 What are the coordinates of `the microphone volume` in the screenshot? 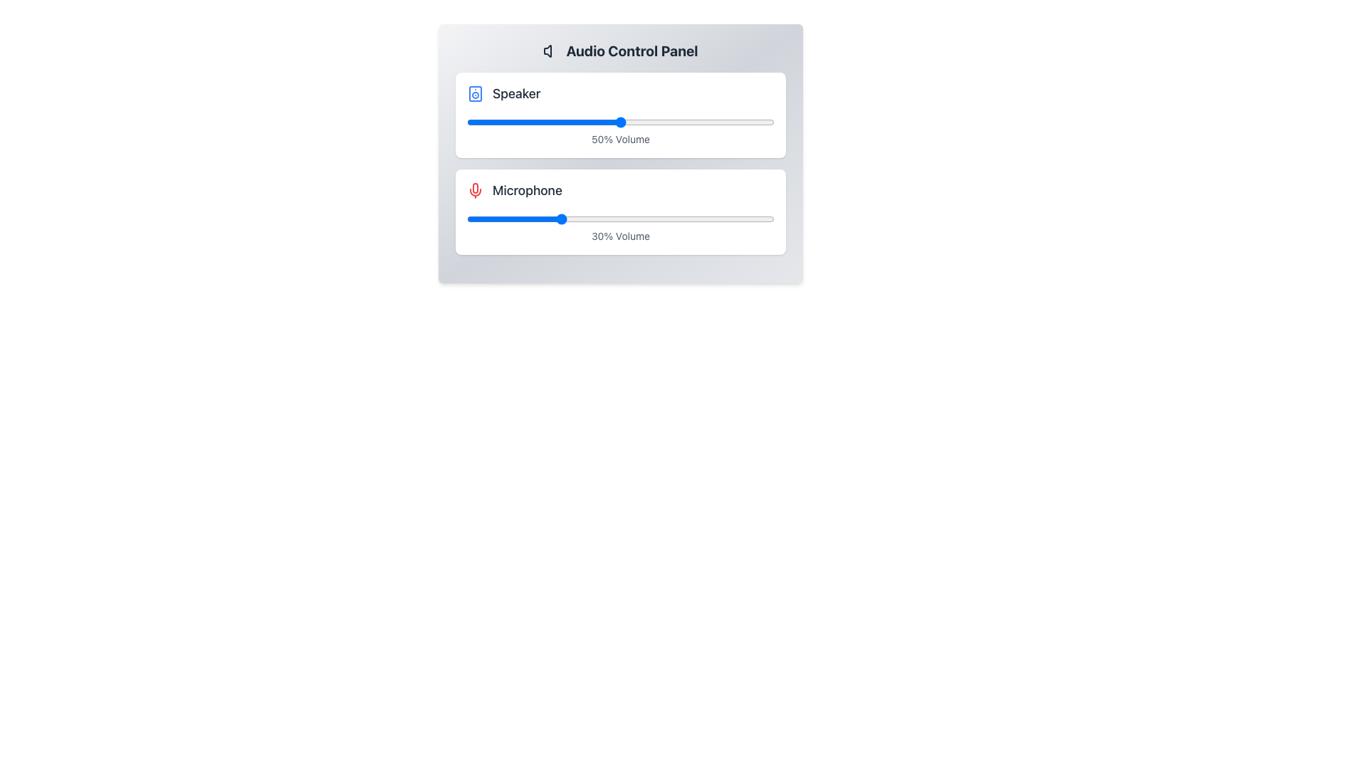 It's located at (755, 219).